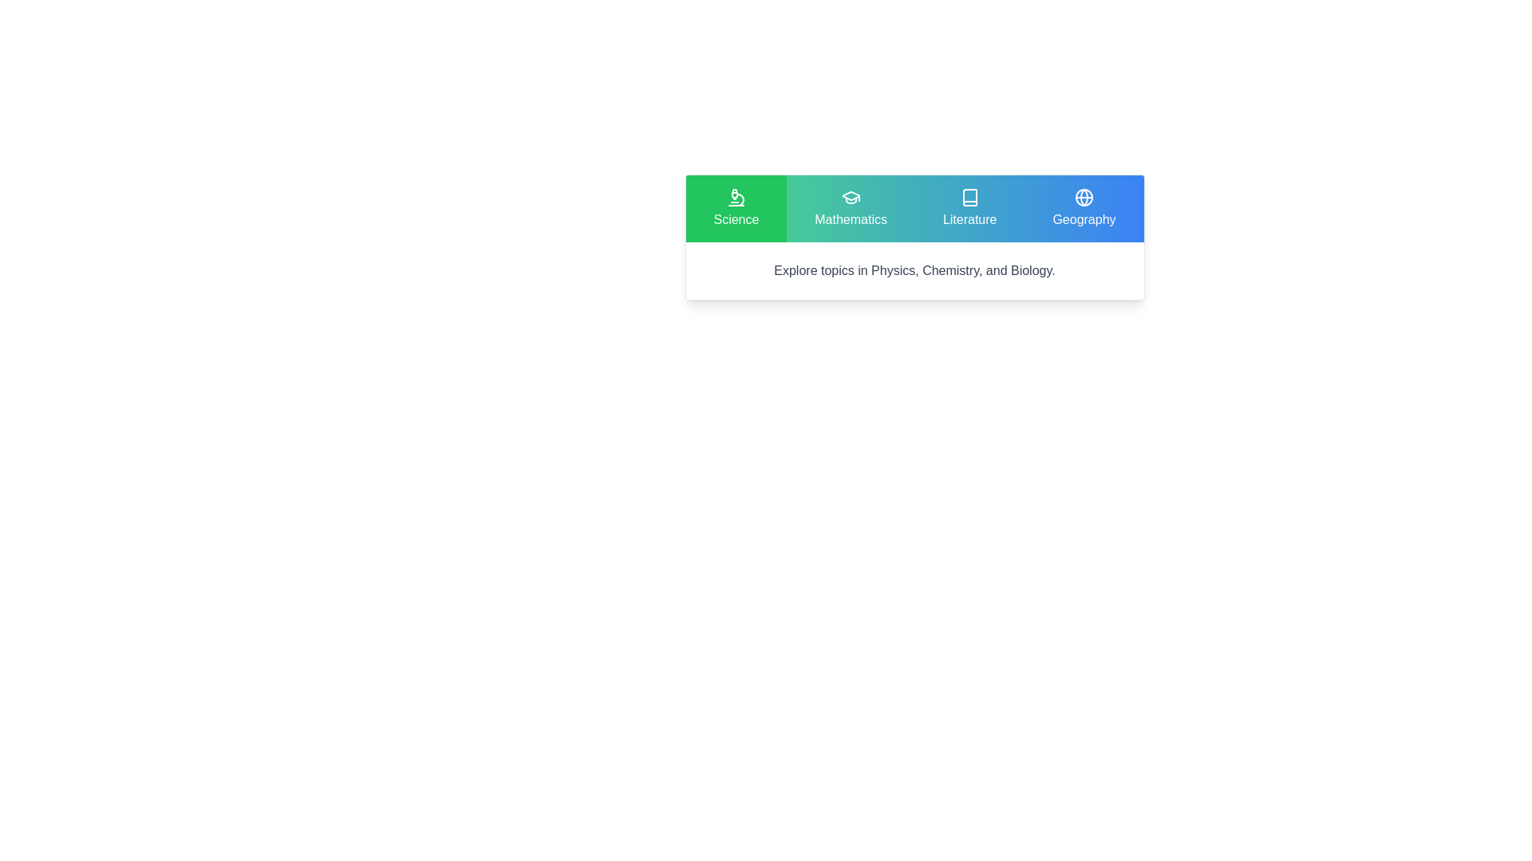  Describe the element at coordinates (1084, 196) in the screenshot. I see `the SVG circle that is part of the globe icon in the Geography section with a blue background` at that location.